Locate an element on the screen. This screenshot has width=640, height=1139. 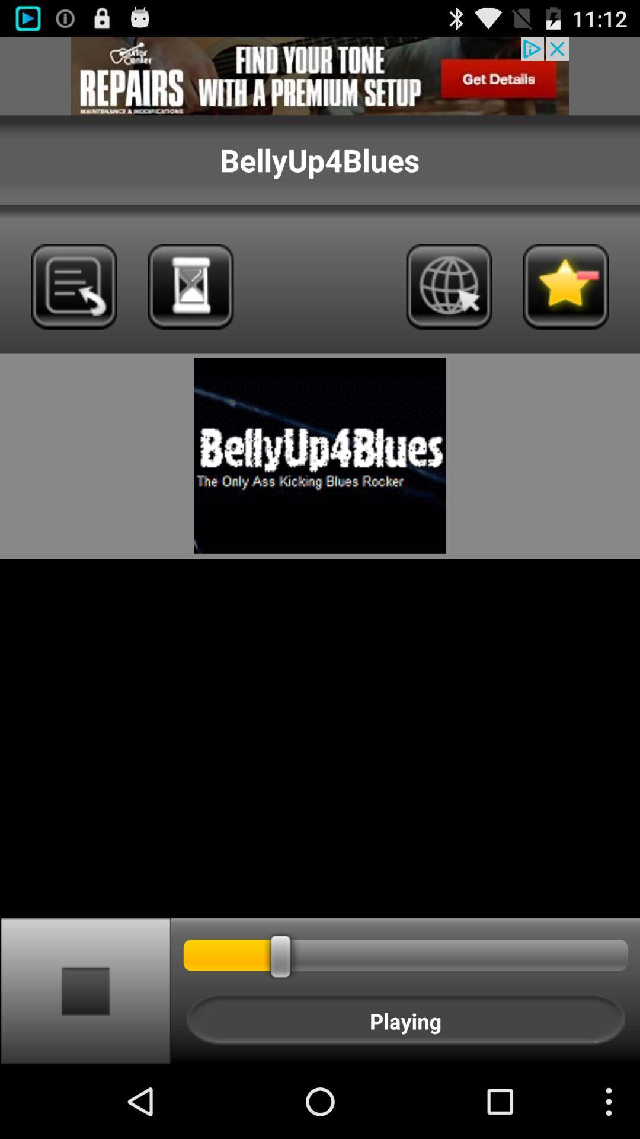
open advertisement is located at coordinates (320, 75).